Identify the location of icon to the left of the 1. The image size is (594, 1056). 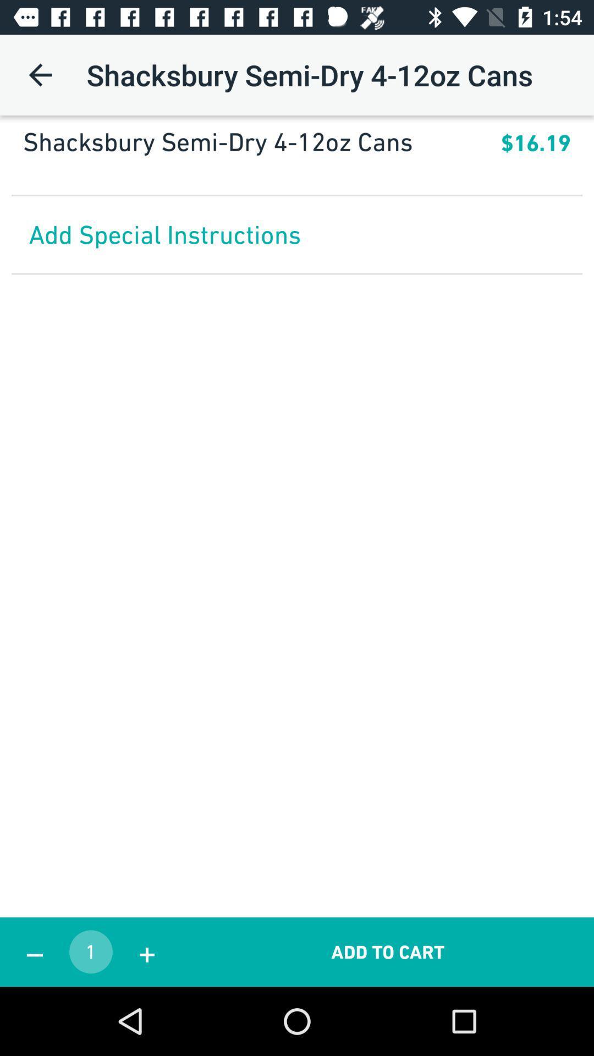
(34, 952).